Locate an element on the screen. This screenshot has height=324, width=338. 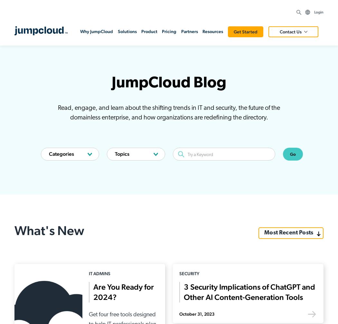
'How can we help? The JumpCloud Knowledge Base contains technical articles and how-to guides spanning the JumpCloud Directory Platform.' is located at coordinates (268, 297).